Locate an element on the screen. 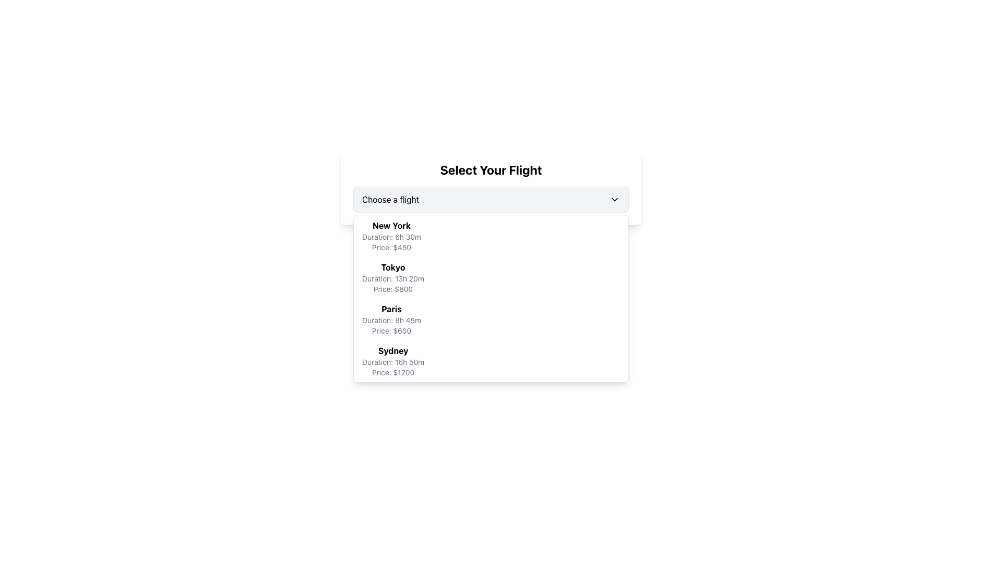 The width and height of the screenshot is (1002, 563). the informational list item displaying flight details to Paris, which includes the duration and price is located at coordinates (391, 319).